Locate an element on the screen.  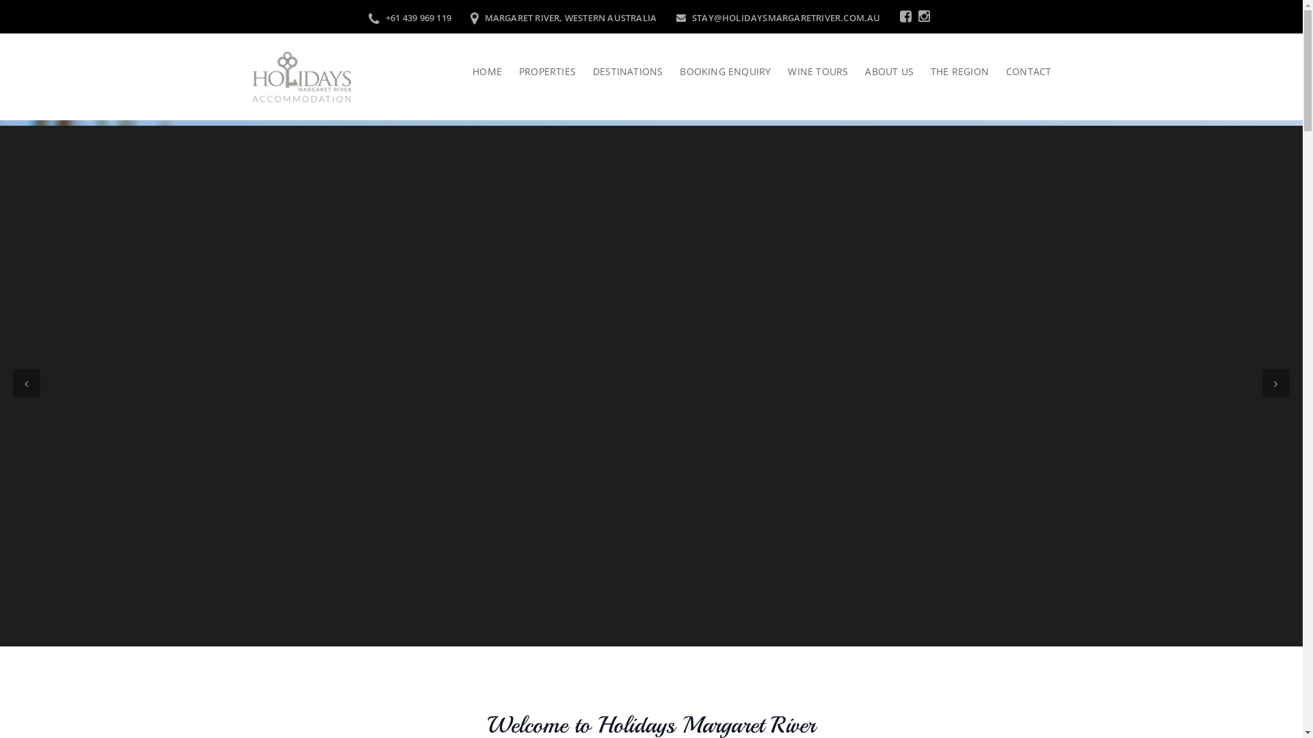
'+61 439 969 119' is located at coordinates (368, 16).